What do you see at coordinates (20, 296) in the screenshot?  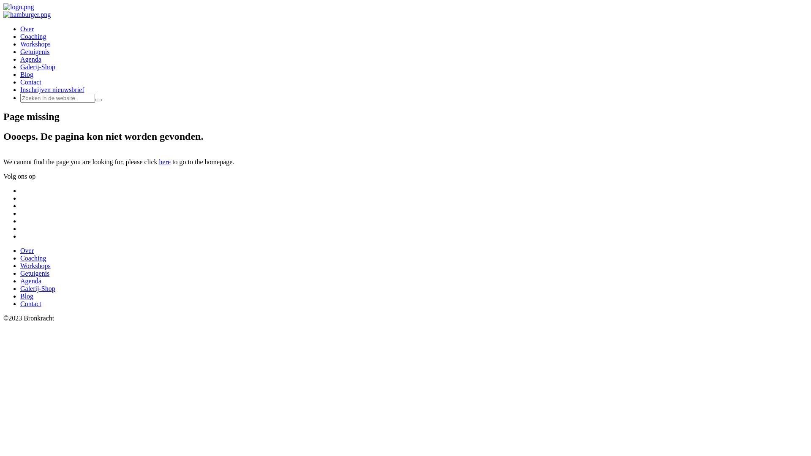 I see `'Blog'` at bounding box center [20, 296].